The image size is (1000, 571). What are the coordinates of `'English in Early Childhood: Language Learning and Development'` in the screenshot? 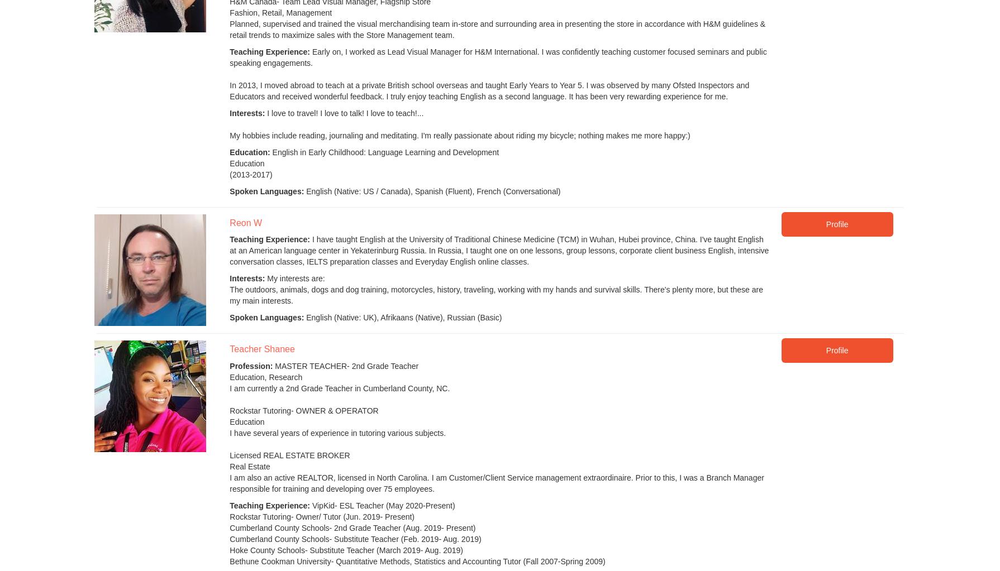 It's located at (384, 152).